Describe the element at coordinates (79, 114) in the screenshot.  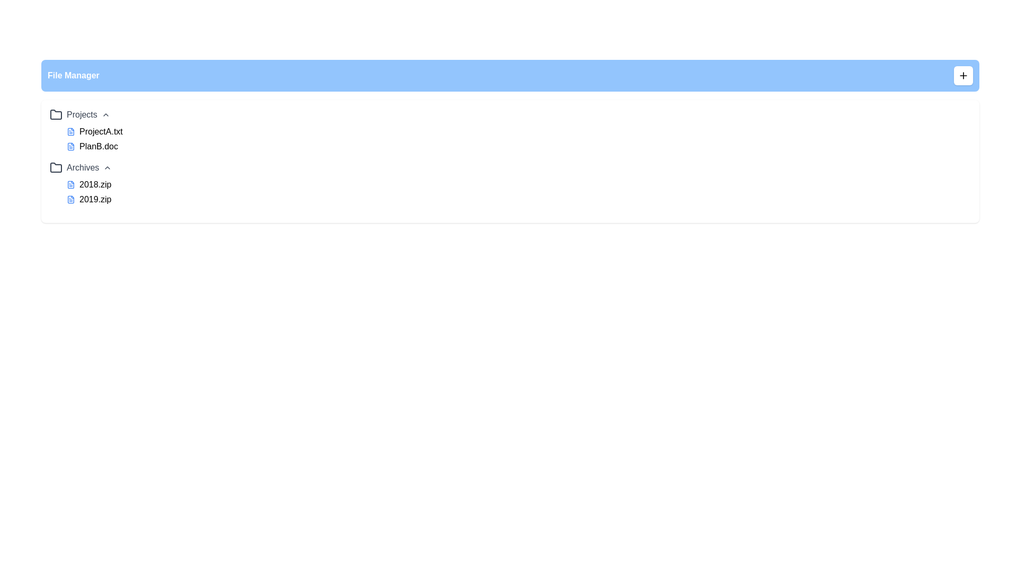
I see `the CollapsibleHeader element, which features a folder icon, the label 'Projects' in gray text, and a downward-pointing chevron arrow` at that location.